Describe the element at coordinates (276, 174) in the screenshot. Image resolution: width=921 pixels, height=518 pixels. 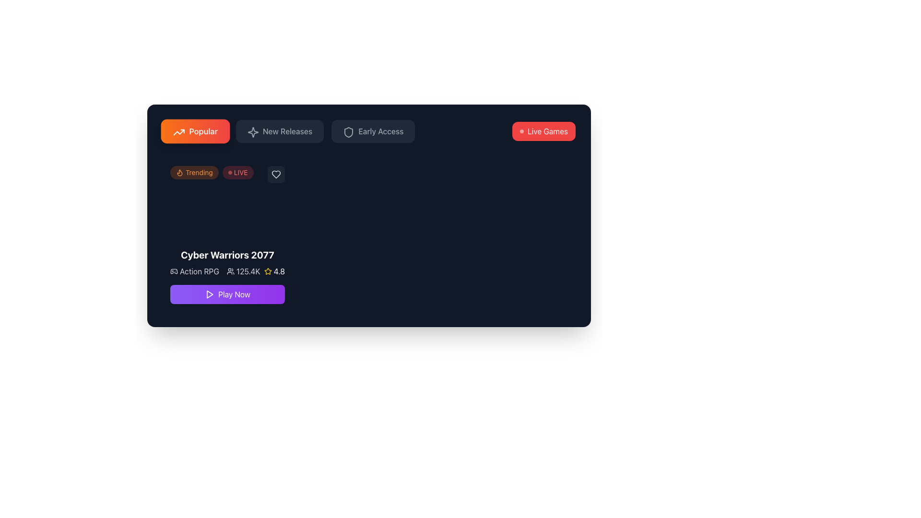
I see `the heart icon button located in the second row of the menu section, to the right of the 'Trending' and 'Live' labels, to mark the entity as a favorite` at that location.